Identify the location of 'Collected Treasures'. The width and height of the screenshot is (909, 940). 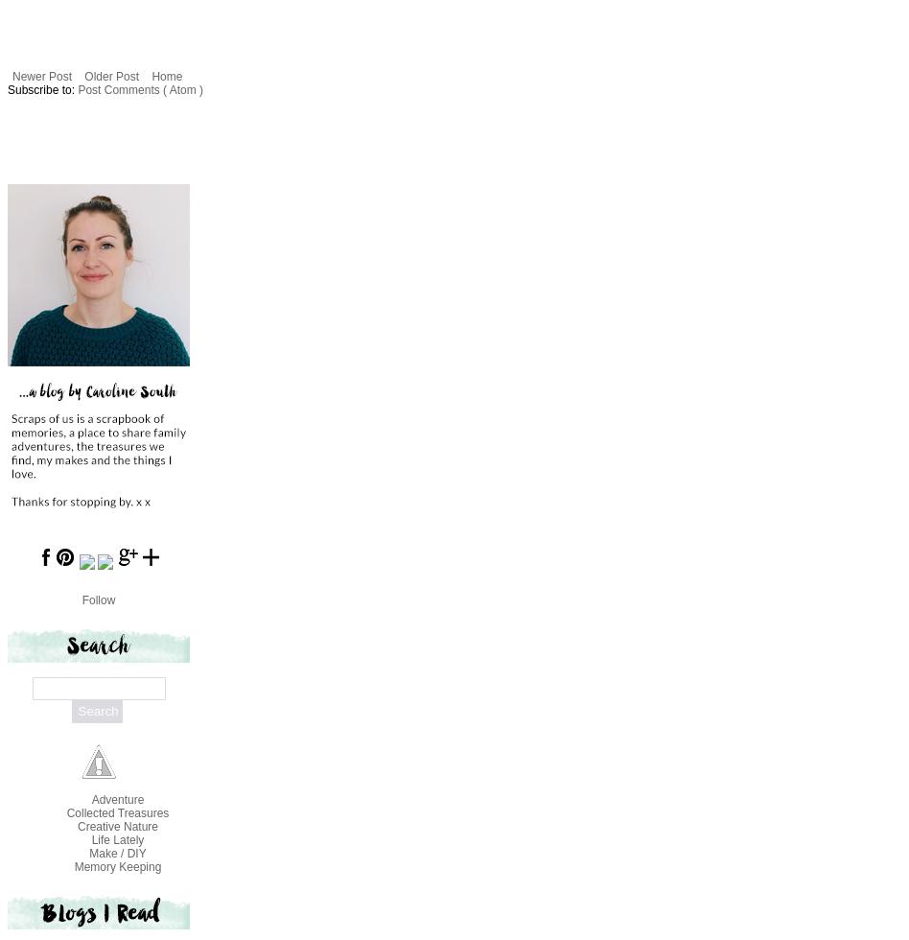
(116, 812).